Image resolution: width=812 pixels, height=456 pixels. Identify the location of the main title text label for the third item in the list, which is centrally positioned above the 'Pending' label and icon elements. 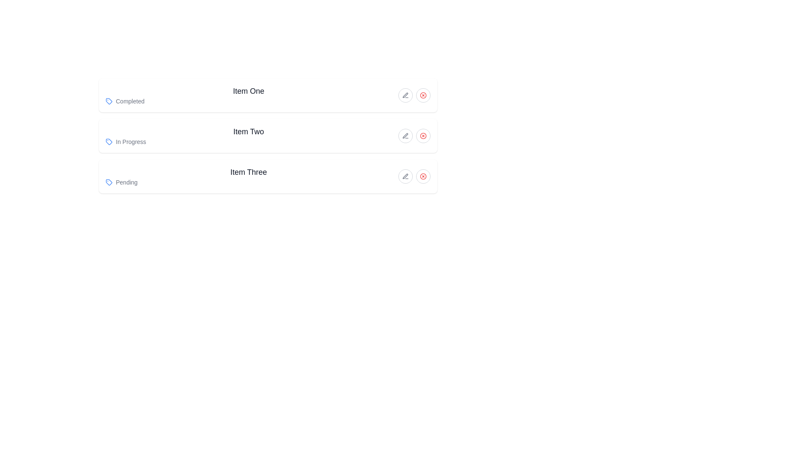
(248, 172).